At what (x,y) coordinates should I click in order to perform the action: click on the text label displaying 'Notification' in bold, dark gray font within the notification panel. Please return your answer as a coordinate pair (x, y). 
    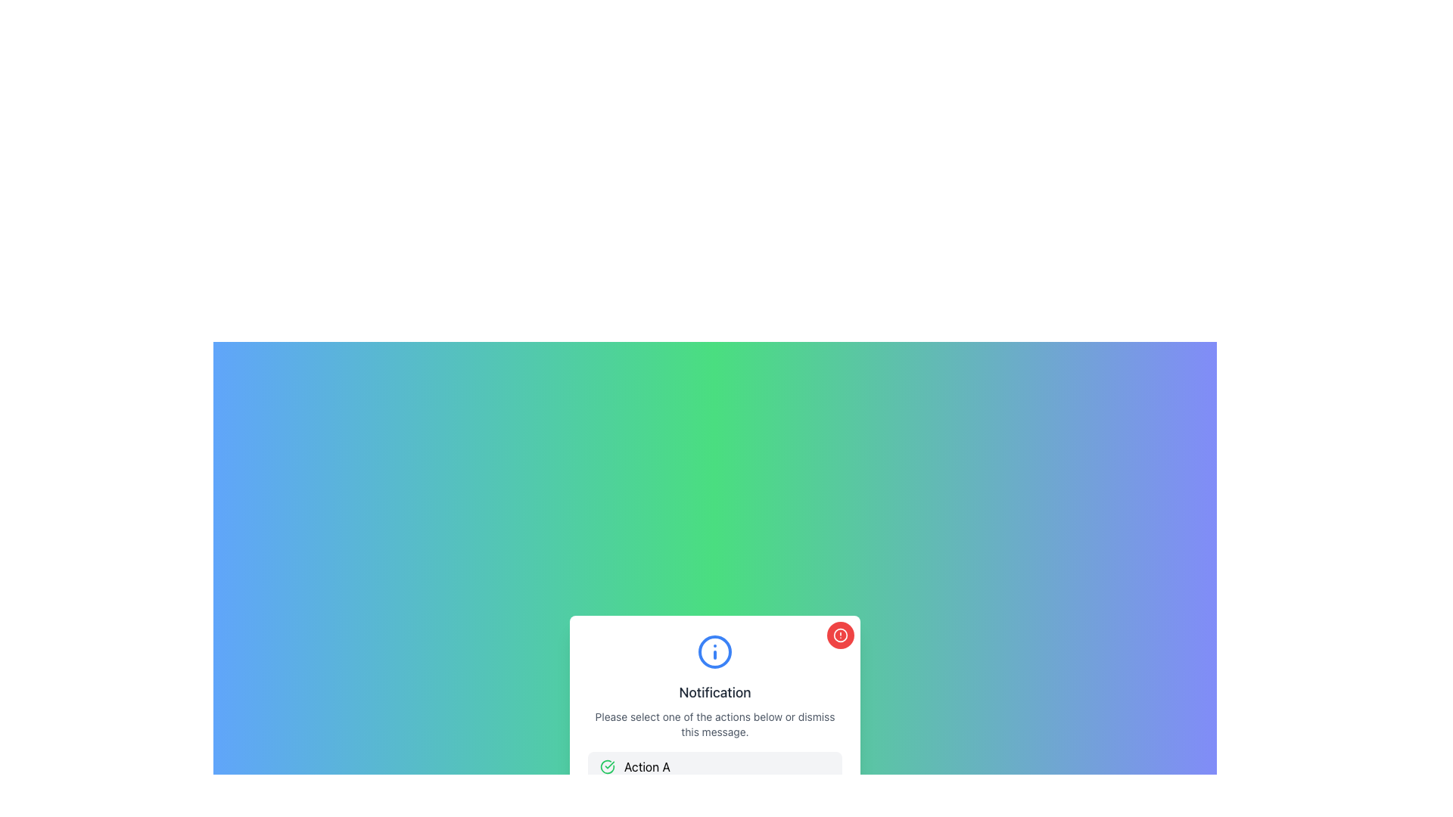
    Looking at the image, I should click on (714, 692).